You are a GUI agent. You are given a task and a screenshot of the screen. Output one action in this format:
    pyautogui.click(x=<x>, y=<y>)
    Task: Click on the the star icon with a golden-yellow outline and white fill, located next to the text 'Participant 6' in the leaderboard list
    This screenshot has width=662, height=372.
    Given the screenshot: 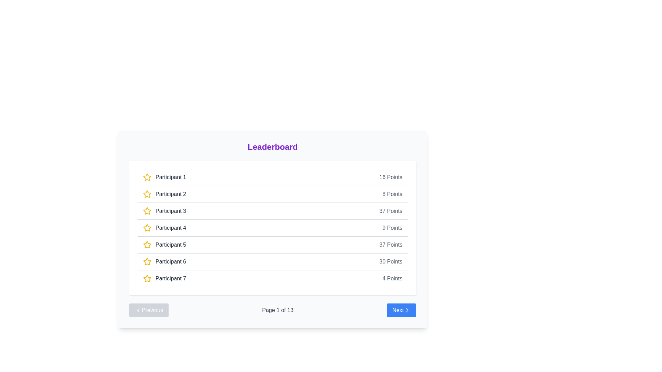 What is the action you would take?
    pyautogui.click(x=147, y=261)
    